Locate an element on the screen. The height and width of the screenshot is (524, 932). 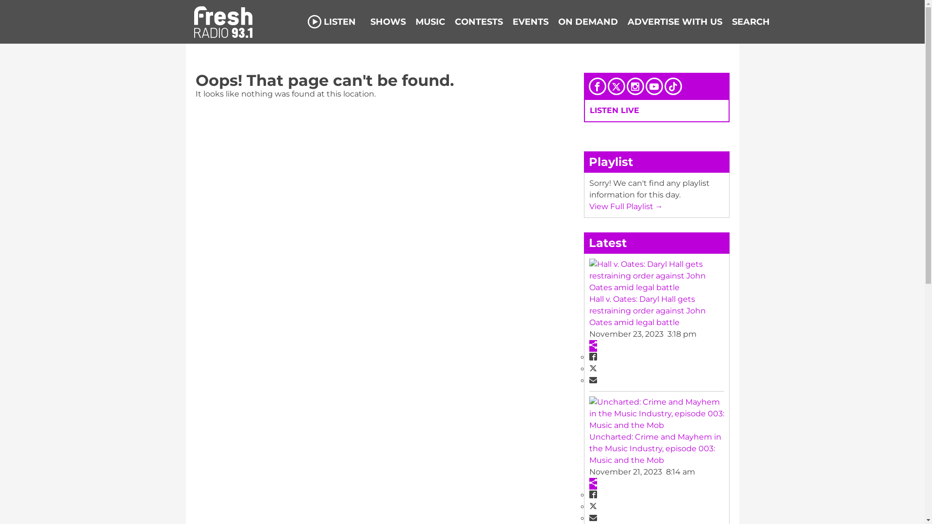
'CONTESTS' is located at coordinates (478, 22).